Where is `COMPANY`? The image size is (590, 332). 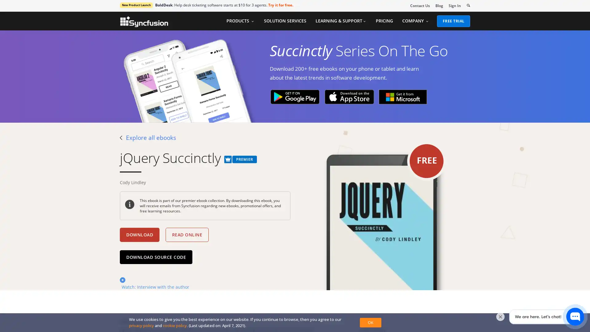
COMPANY is located at coordinates (415, 21).